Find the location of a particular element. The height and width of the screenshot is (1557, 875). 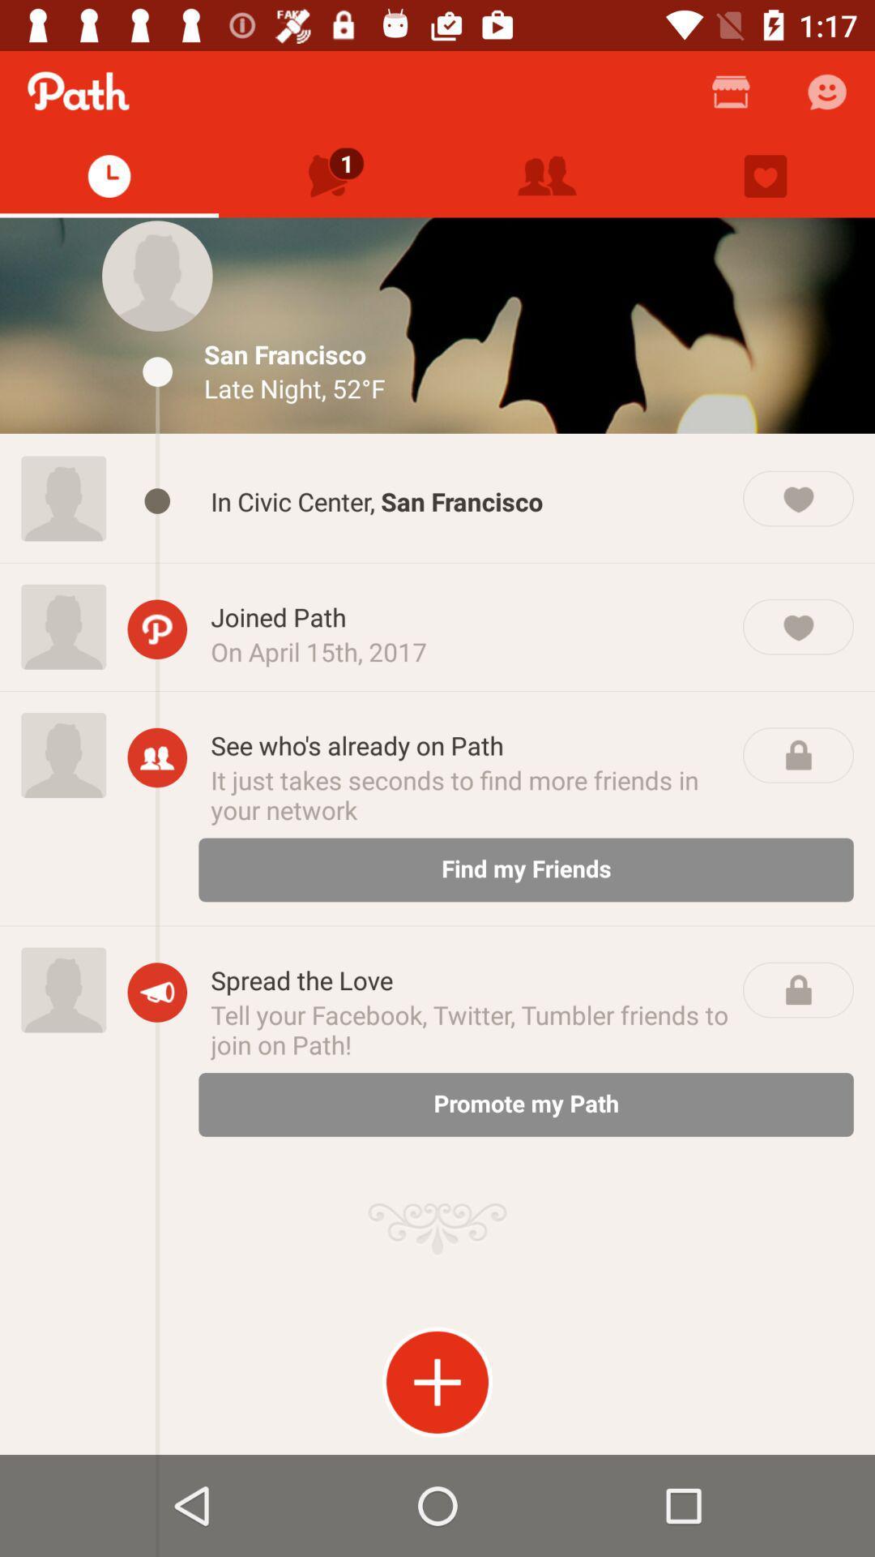

like option which is right top corner is located at coordinates (766, 176).